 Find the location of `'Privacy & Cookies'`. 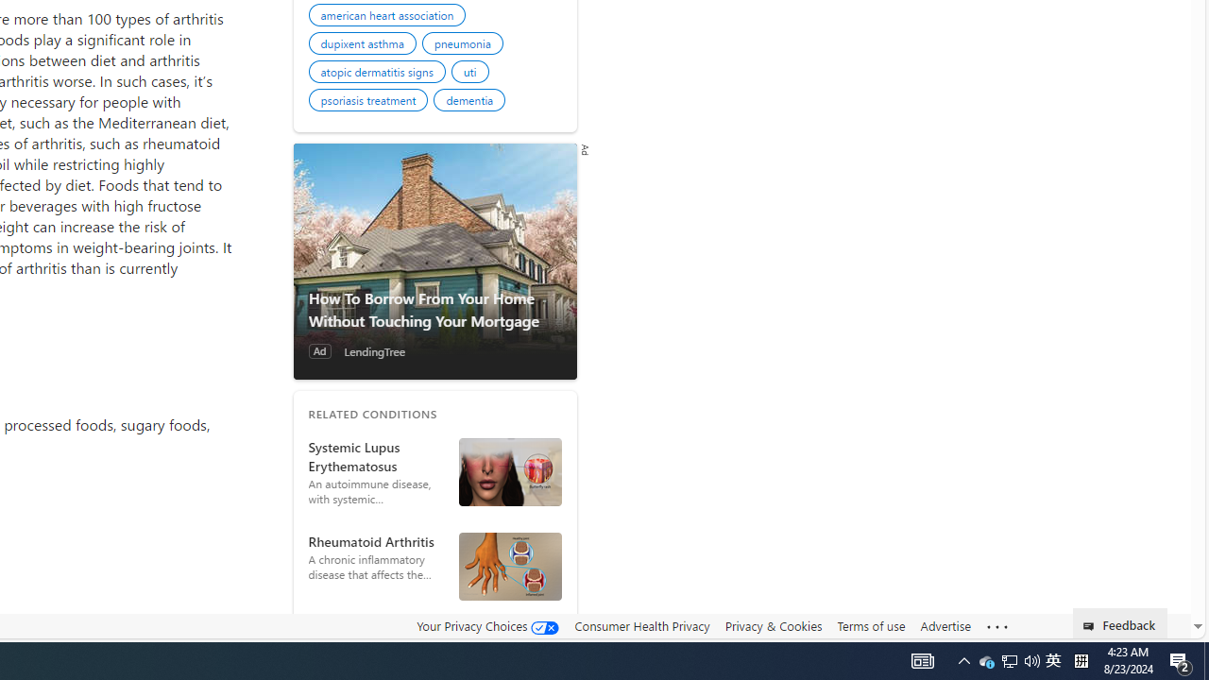

'Privacy & Cookies' is located at coordinates (773, 626).